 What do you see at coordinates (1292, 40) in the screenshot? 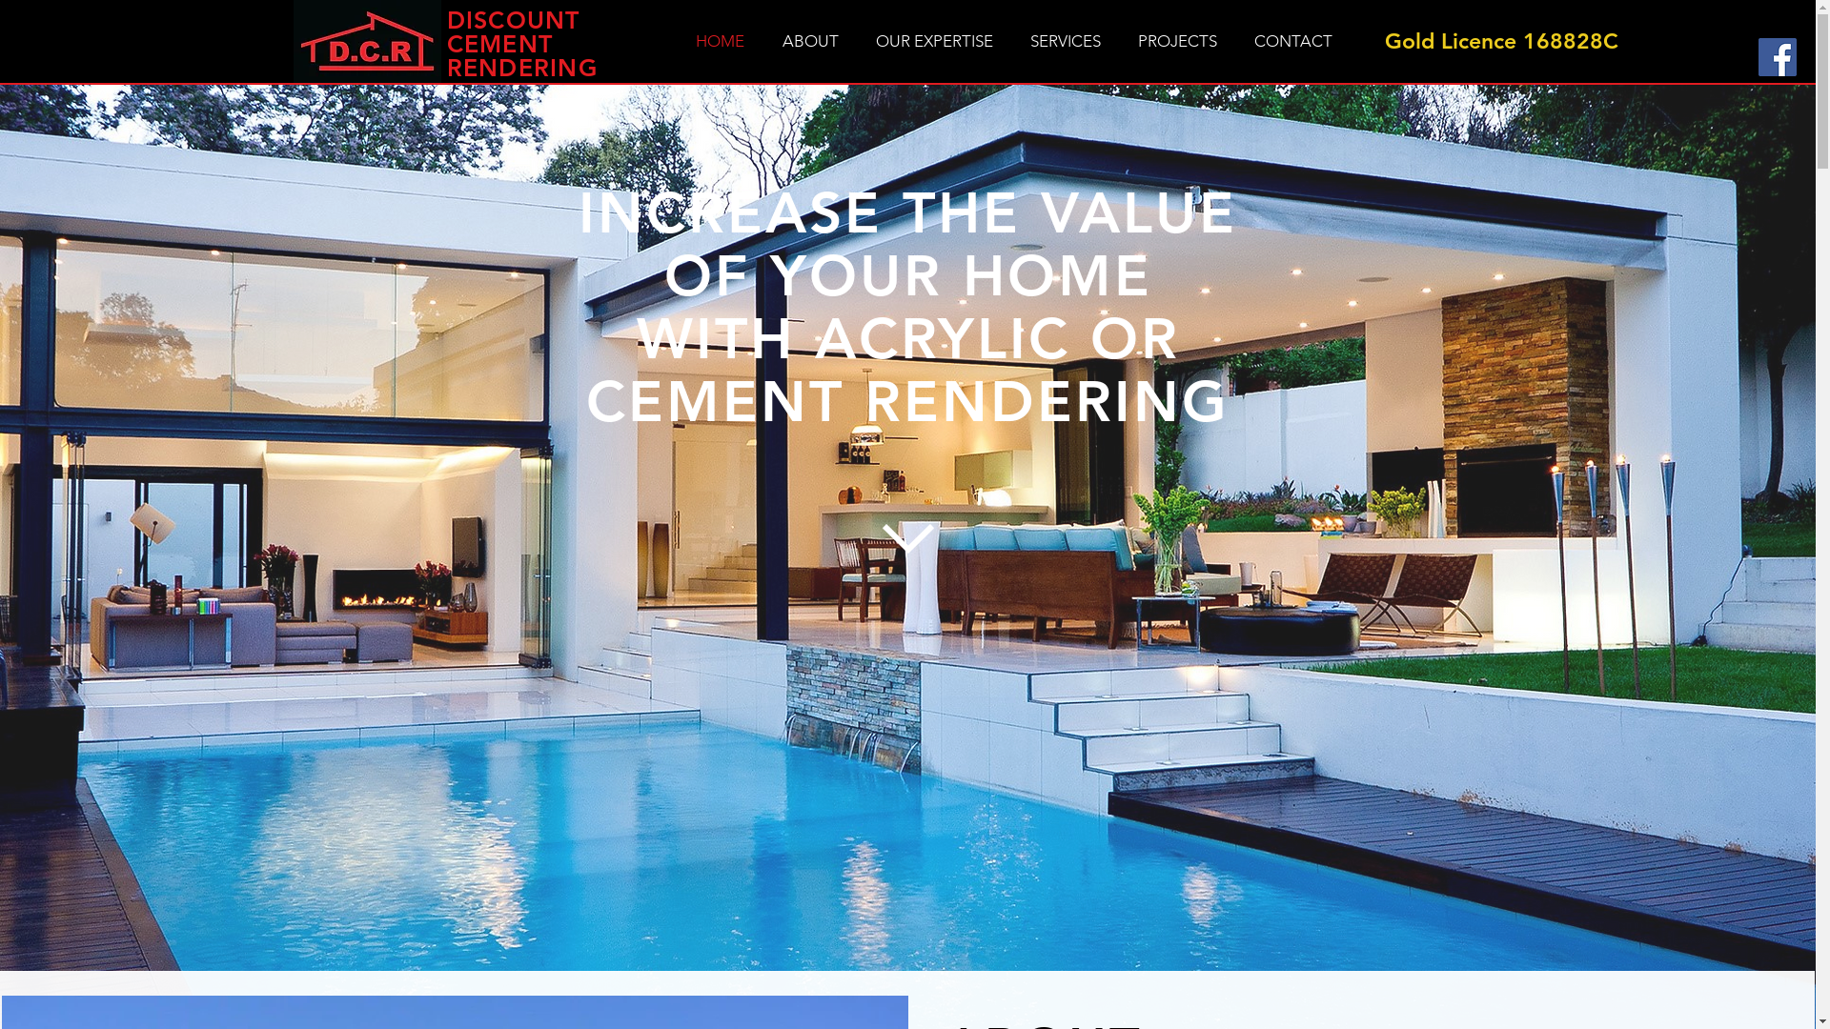
I see `'CONTACT'` at bounding box center [1292, 40].